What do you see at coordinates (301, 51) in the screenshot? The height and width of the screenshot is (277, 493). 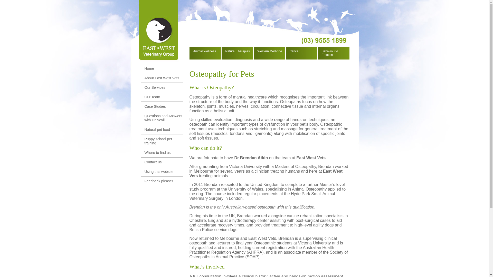 I see `'Cancer'` at bounding box center [301, 51].